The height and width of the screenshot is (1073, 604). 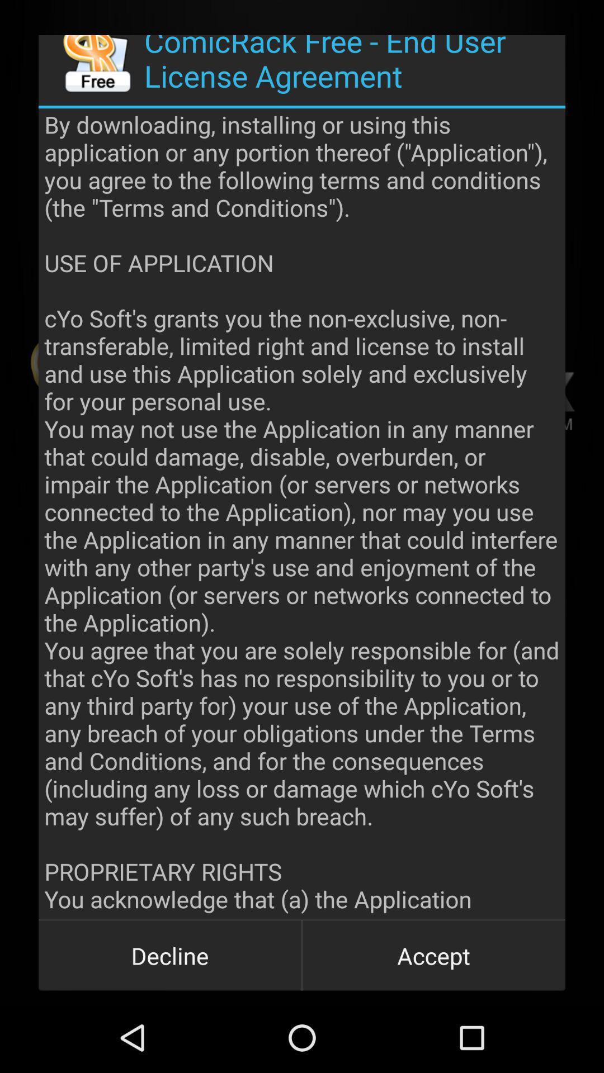 What do you see at coordinates (433, 955) in the screenshot?
I see `the item at the bottom right corner` at bounding box center [433, 955].